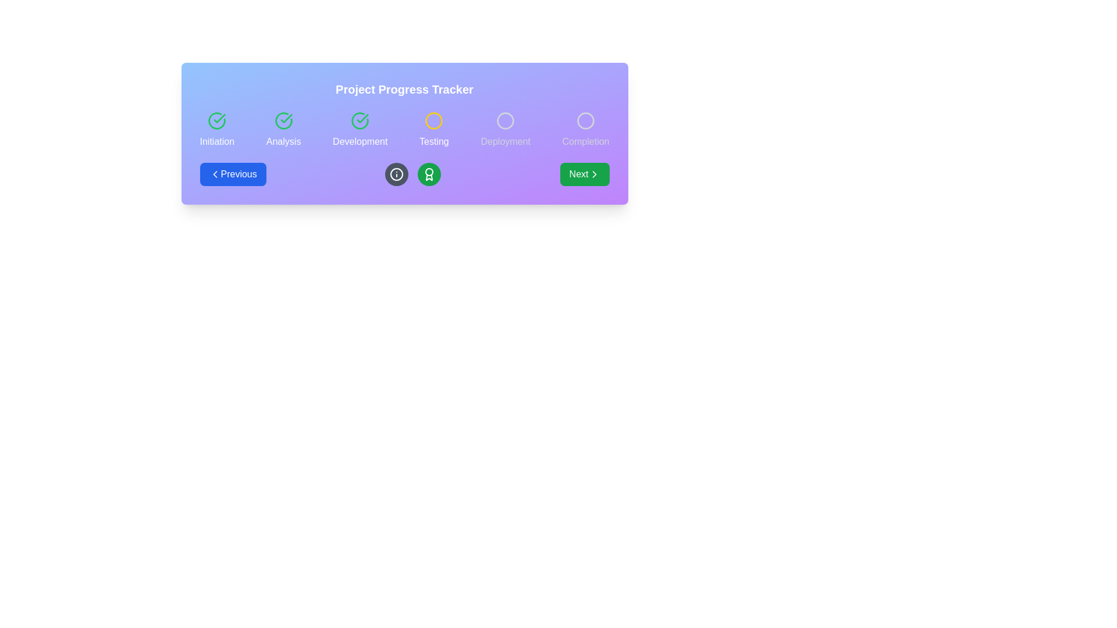 The width and height of the screenshot is (1117, 628). What do you see at coordinates (397, 174) in the screenshot?
I see `the information icon located near the lower middle of the interface, which is the second icon from the left in its group` at bounding box center [397, 174].